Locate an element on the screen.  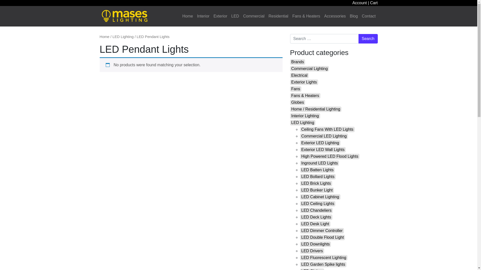
'Contact' is located at coordinates (369, 16).